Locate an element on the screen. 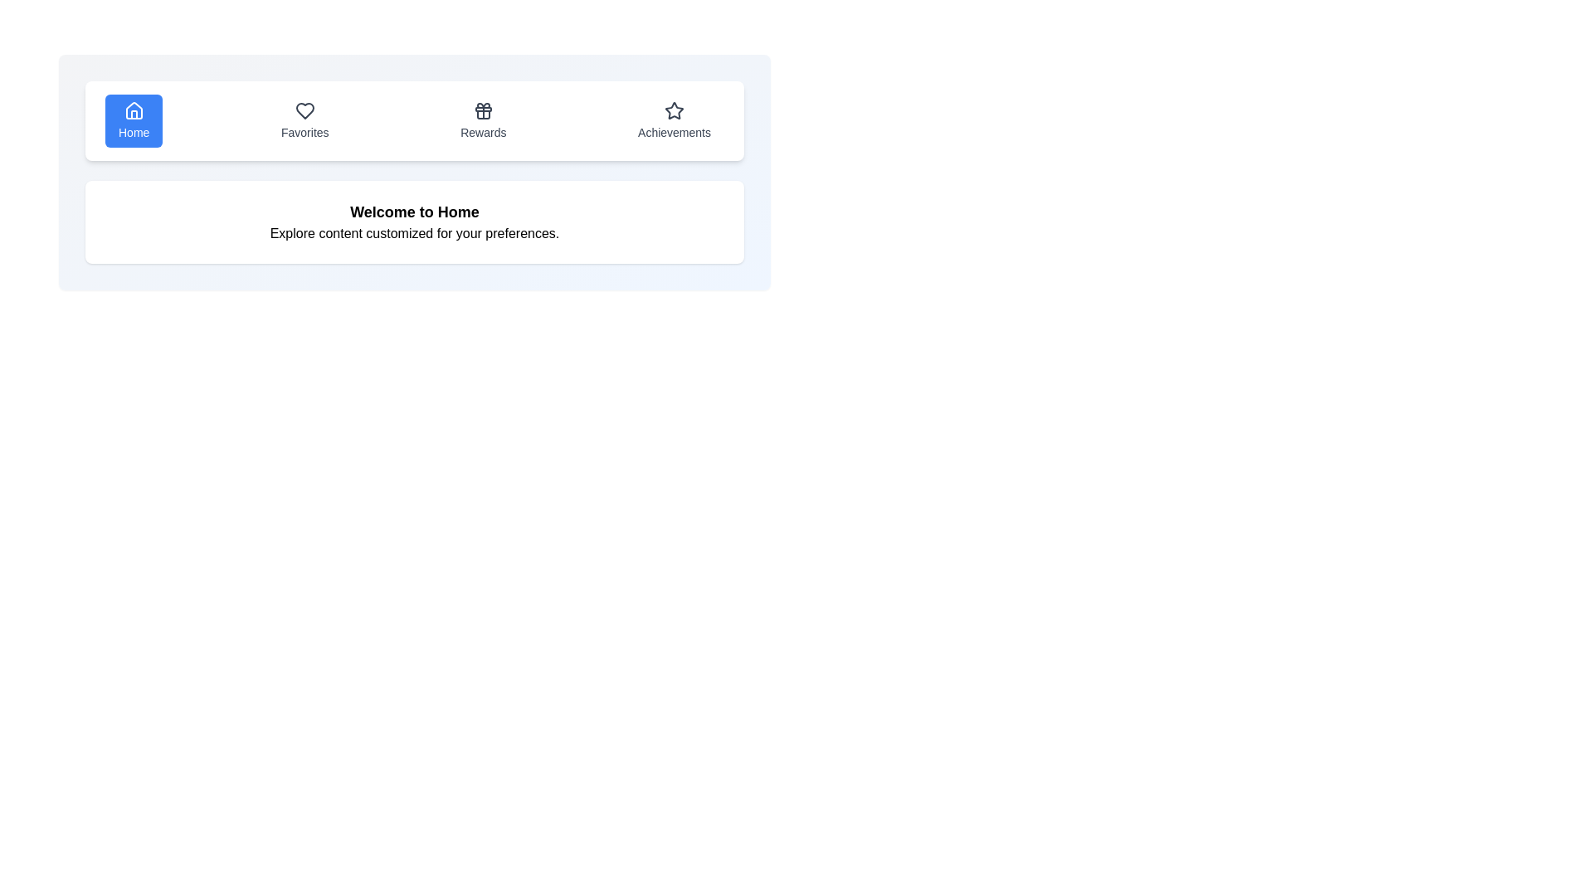  the 'Favorites' icon in the navigation bar, which is positioned between the 'Home' icon and the 'Rewards' icon is located at coordinates (304, 111).